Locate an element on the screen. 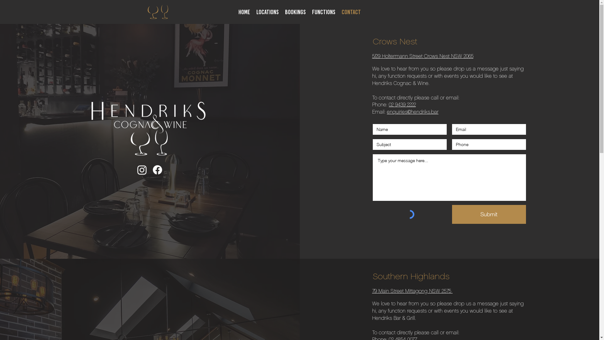 This screenshot has height=340, width=604. 'HOME' is located at coordinates (244, 12).